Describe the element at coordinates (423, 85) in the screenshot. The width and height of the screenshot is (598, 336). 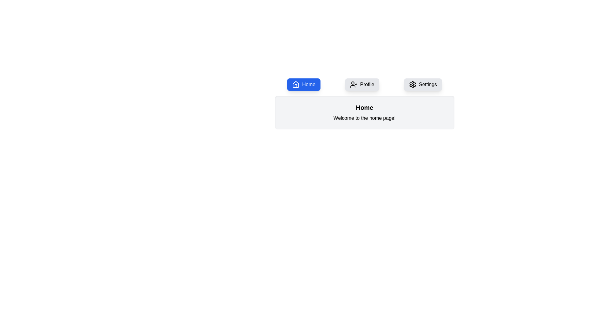
I see `the Settings tab by clicking its corresponding button` at that location.